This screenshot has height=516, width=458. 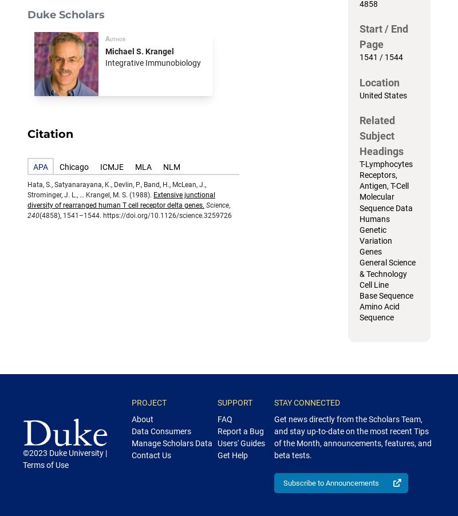 What do you see at coordinates (139, 51) in the screenshot?
I see `'Michael S. Krangel'` at bounding box center [139, 51].